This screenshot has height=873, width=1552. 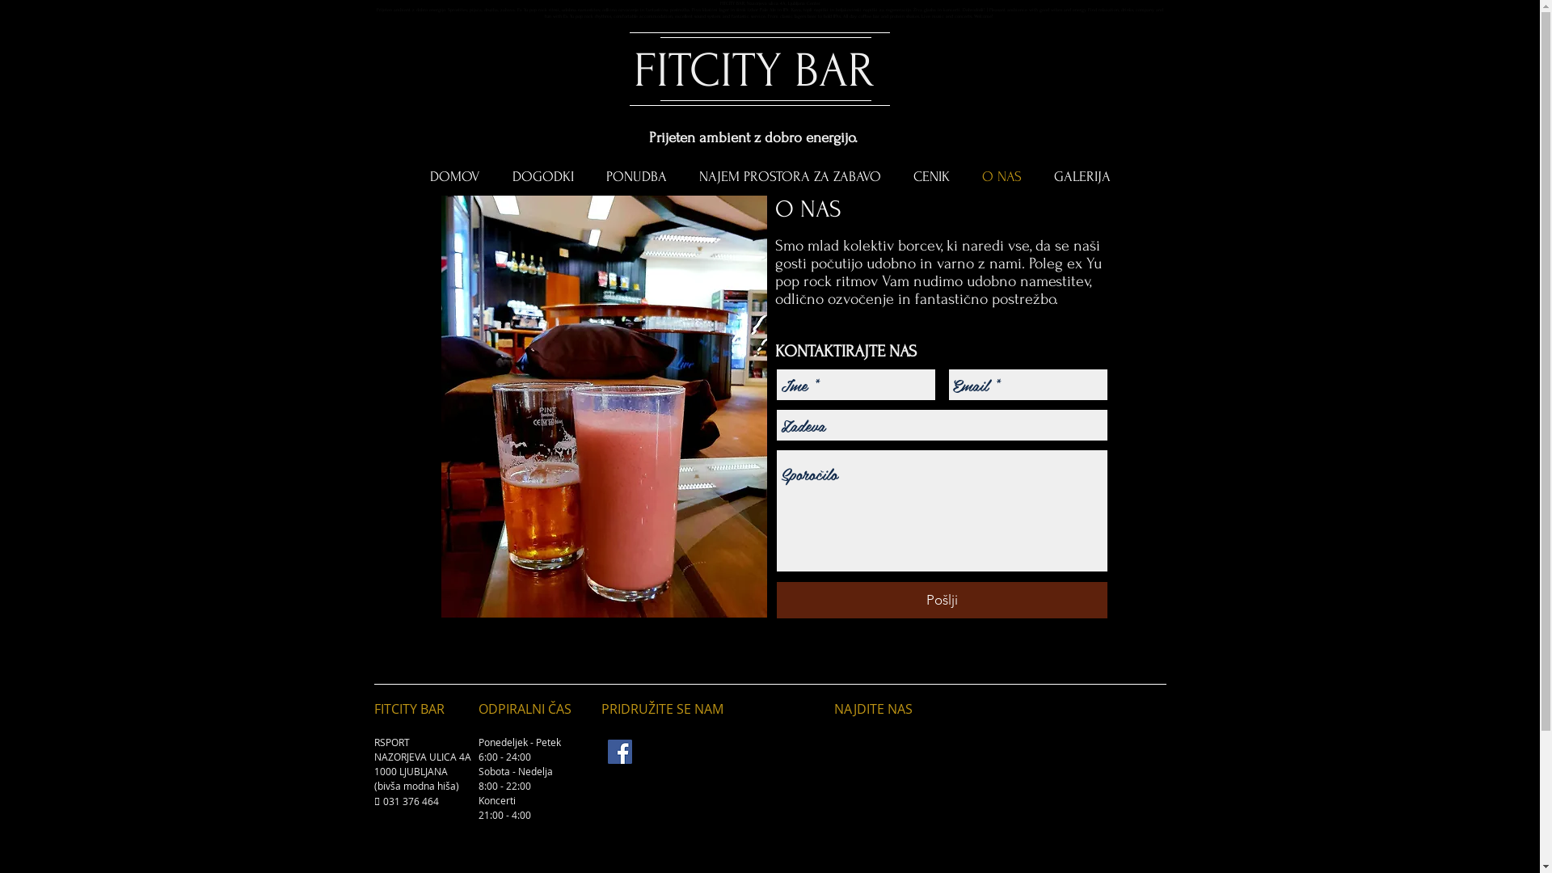 What do you see at coordinates (632, 757) in the screenshot?
I see `'https://www.rabljenispinnerji.com/fitcity-bar'` at bounding box center [632, 757].